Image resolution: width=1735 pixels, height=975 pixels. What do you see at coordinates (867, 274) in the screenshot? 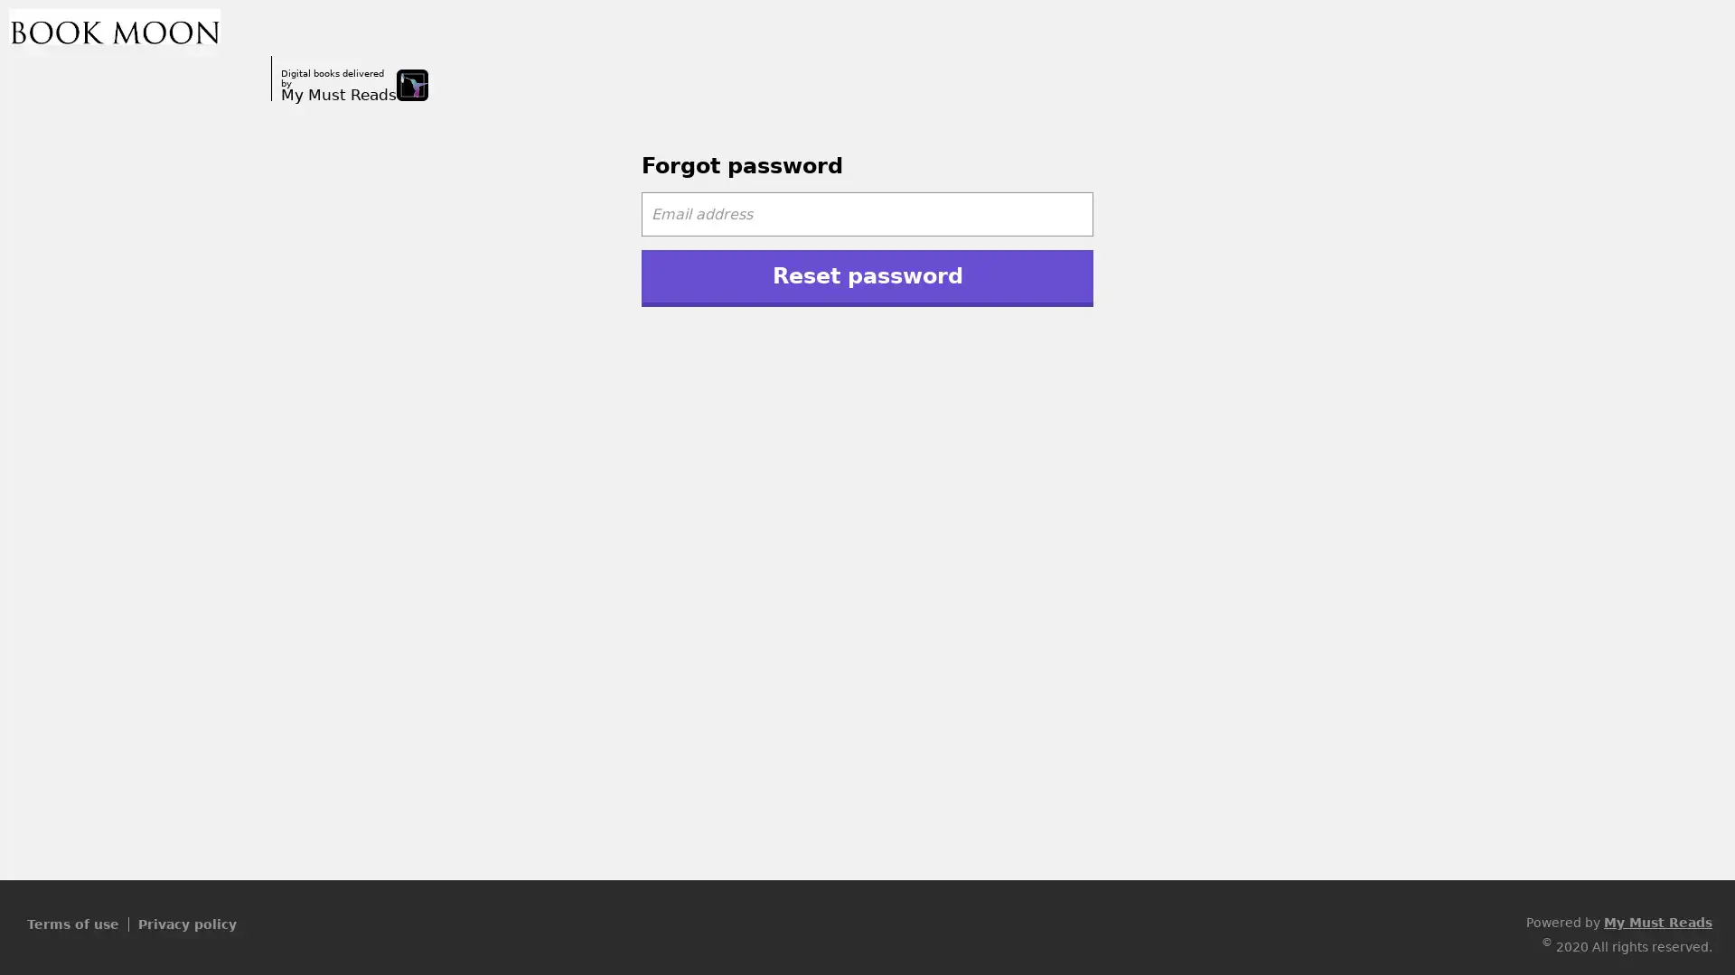
I see `Reset password` at bounding box center [867, 274].